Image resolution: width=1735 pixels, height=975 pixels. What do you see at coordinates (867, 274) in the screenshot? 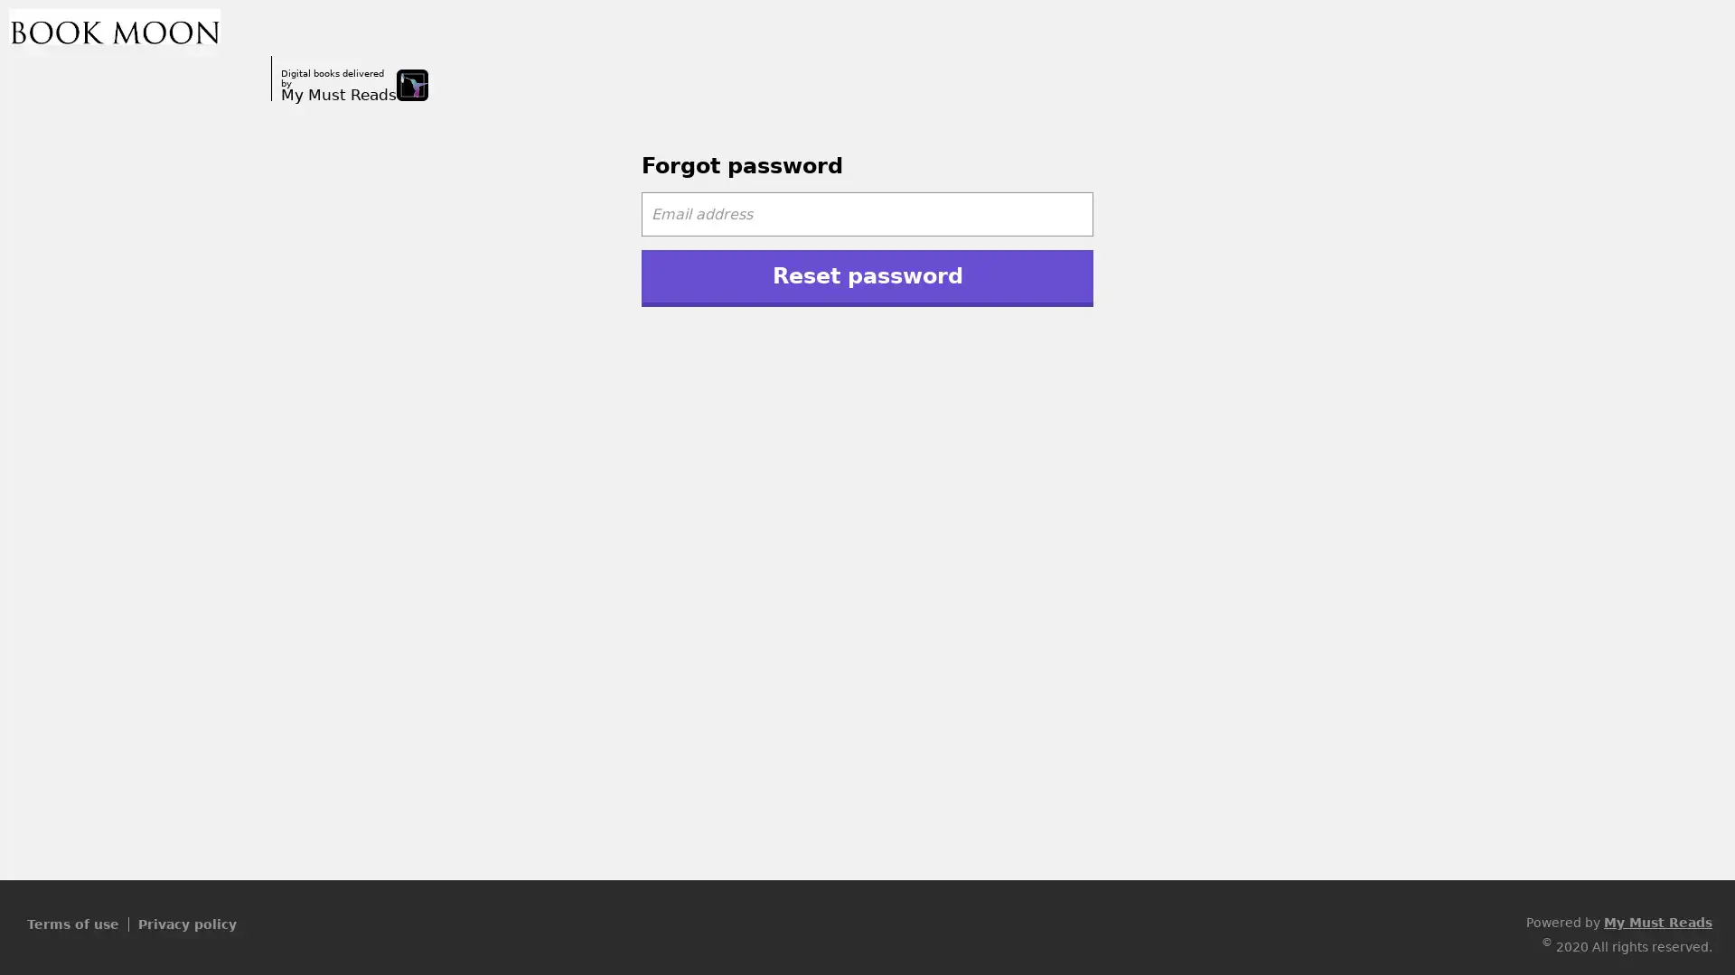
I see `Reset password` at bounding box center [867, 274].